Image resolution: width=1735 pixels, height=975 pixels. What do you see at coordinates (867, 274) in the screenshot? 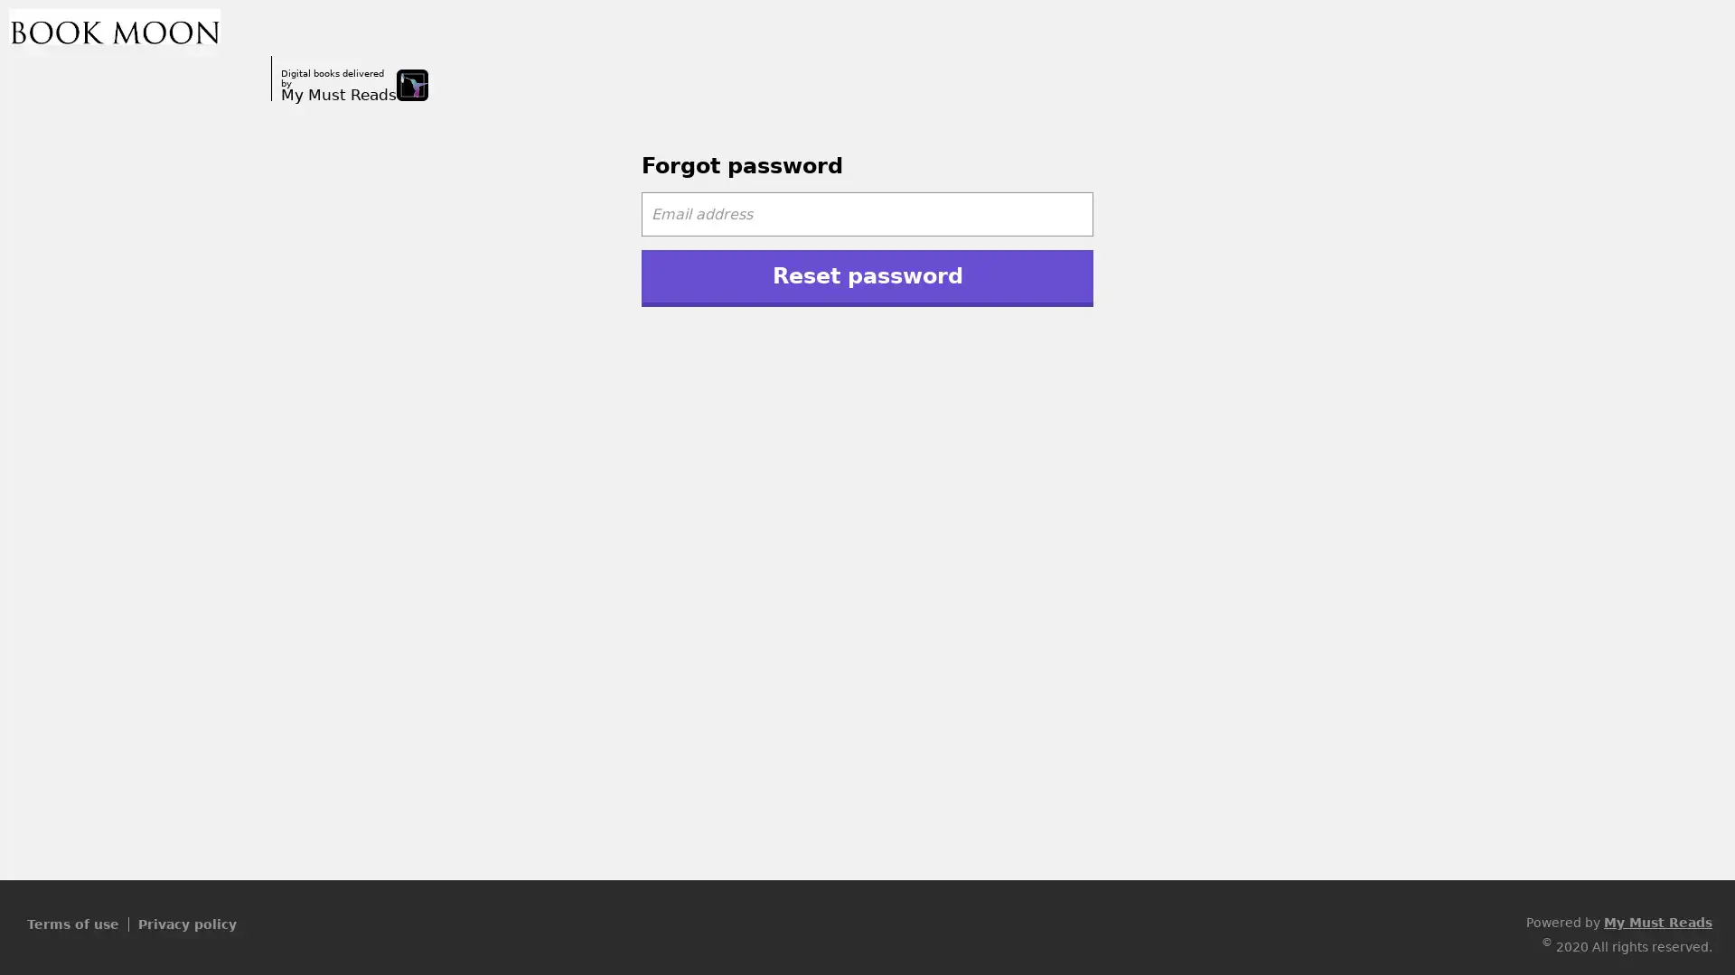
I see `Reset password` at bounding box center [867, 274].